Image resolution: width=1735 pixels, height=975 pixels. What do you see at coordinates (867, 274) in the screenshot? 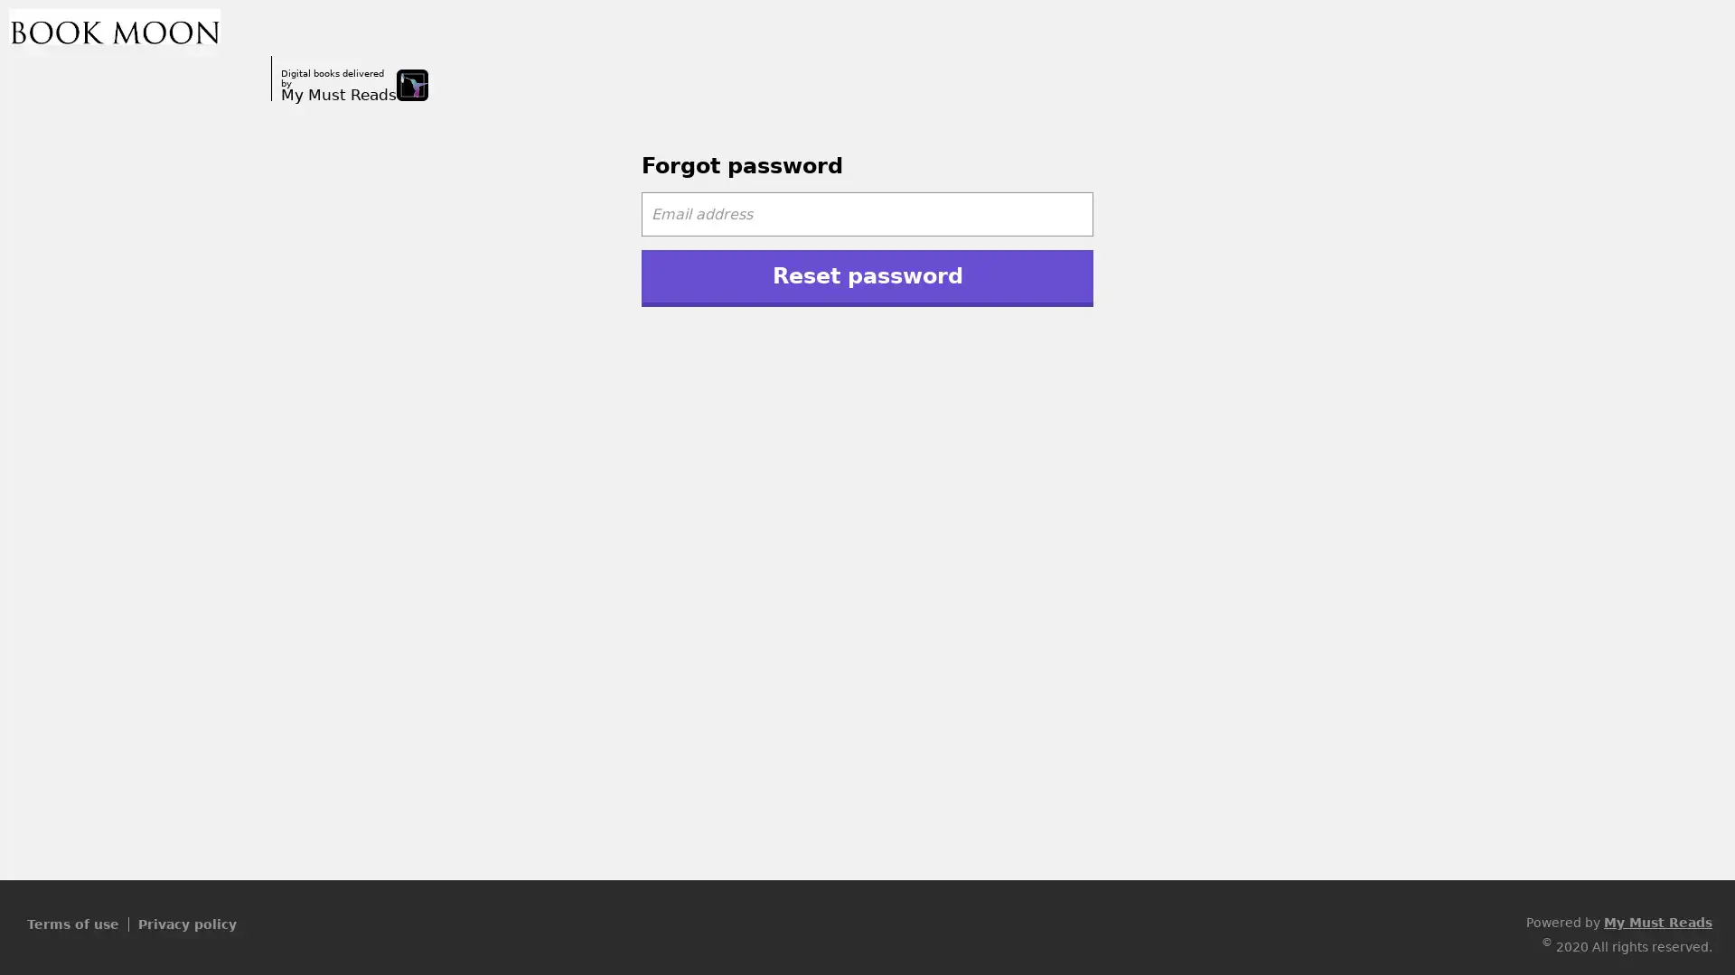
I see `Reset password` at bounding box center [867, 274].